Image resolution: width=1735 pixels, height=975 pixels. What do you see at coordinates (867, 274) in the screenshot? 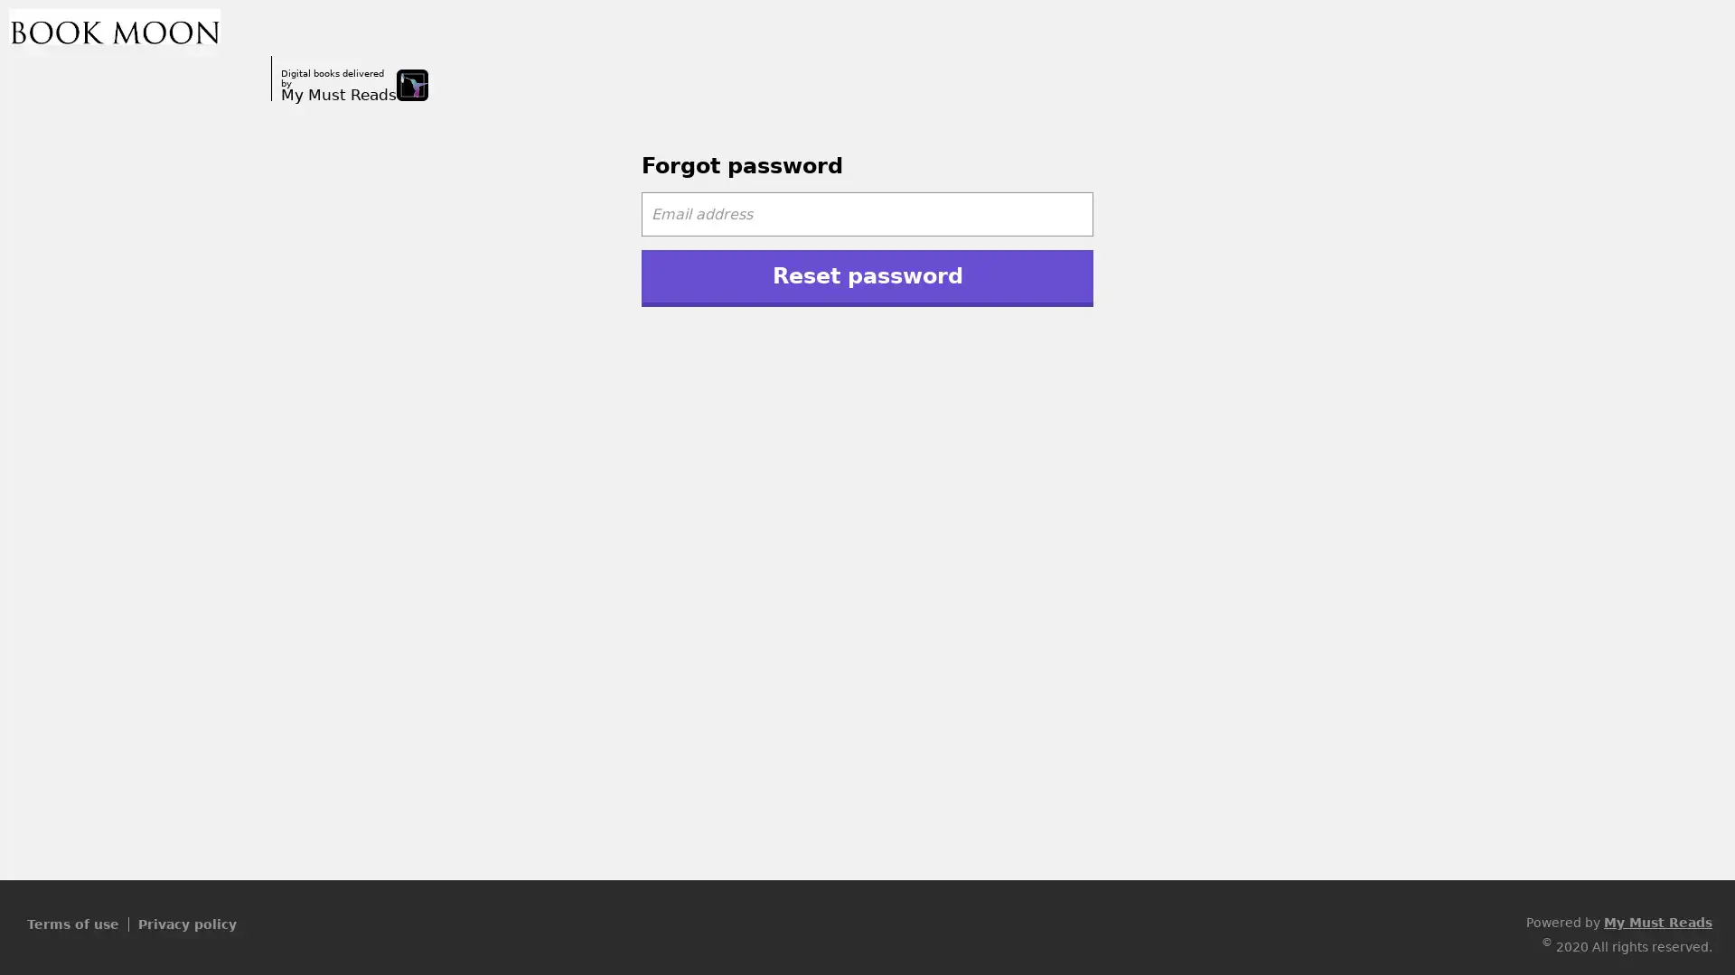
I see `Reset password` at bounding box center [867, 274].